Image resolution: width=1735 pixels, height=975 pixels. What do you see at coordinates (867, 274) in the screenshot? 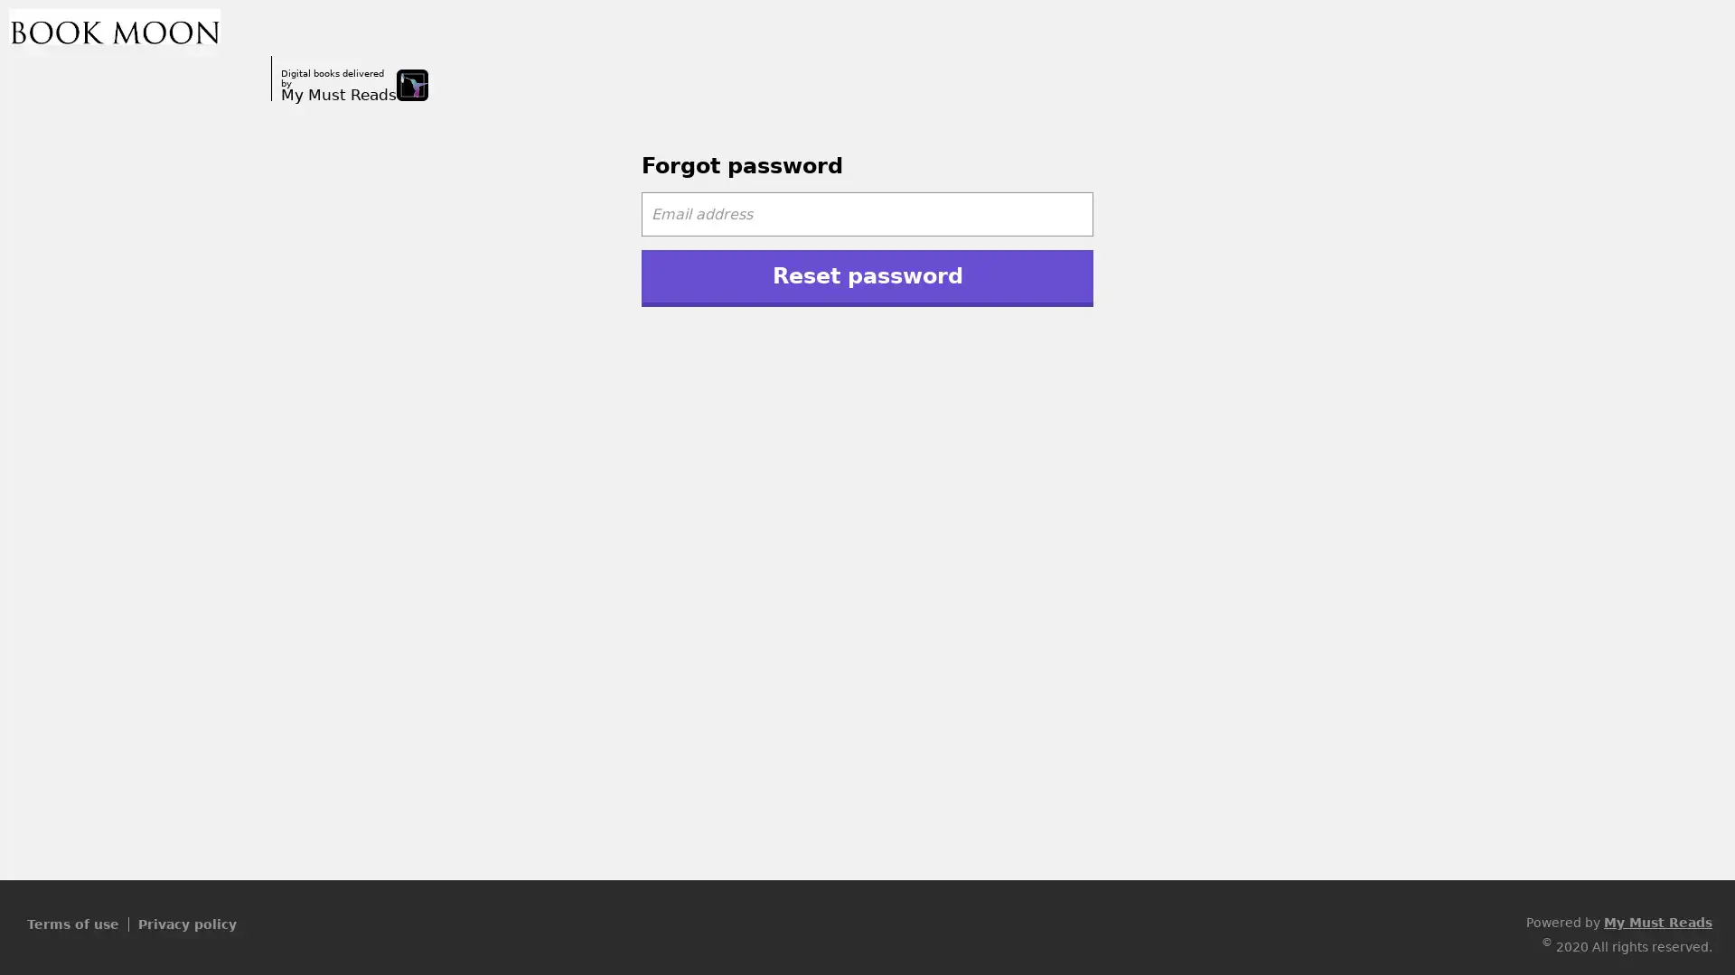
I see `Reset password` at bounding box center [867, 274].